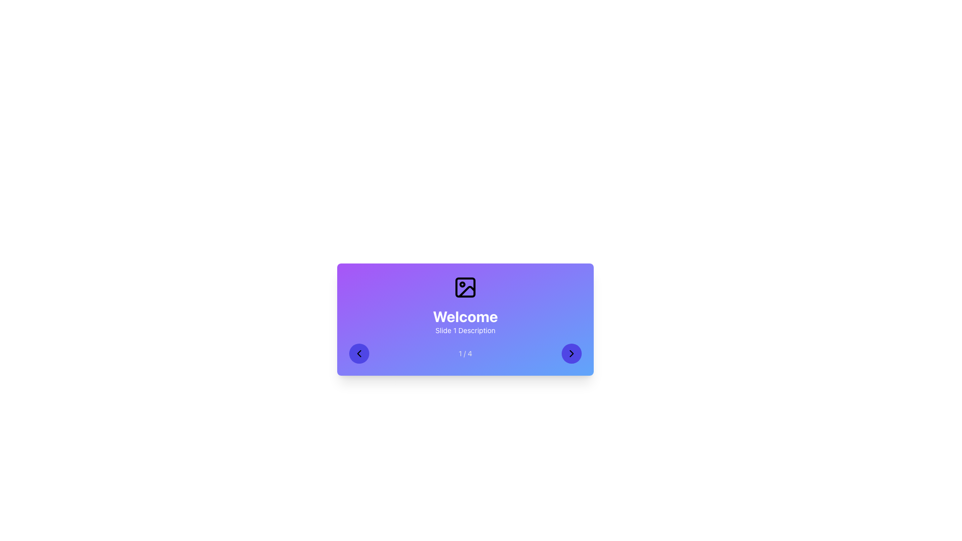 This screenshot has width=962, height=541. I want to click on the descriptive subtitle text that provides contextual information about the current slide, positioned below the 'Welcome' text in a presentation interface, so click(465, 330).